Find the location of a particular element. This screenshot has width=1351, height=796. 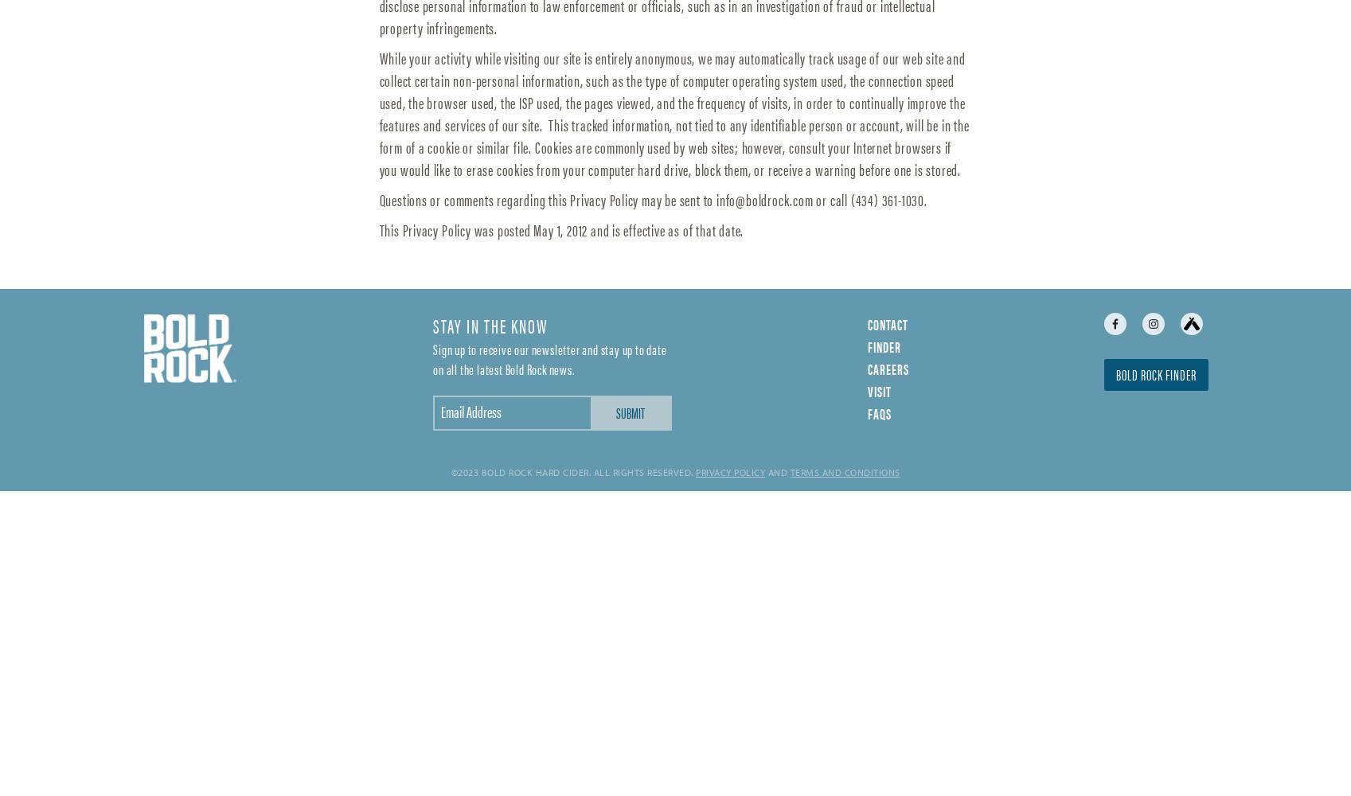

'This Privacy Policy was posted May 1, 2012 and is effective as of that date.' is located at coordinates (379, 228).